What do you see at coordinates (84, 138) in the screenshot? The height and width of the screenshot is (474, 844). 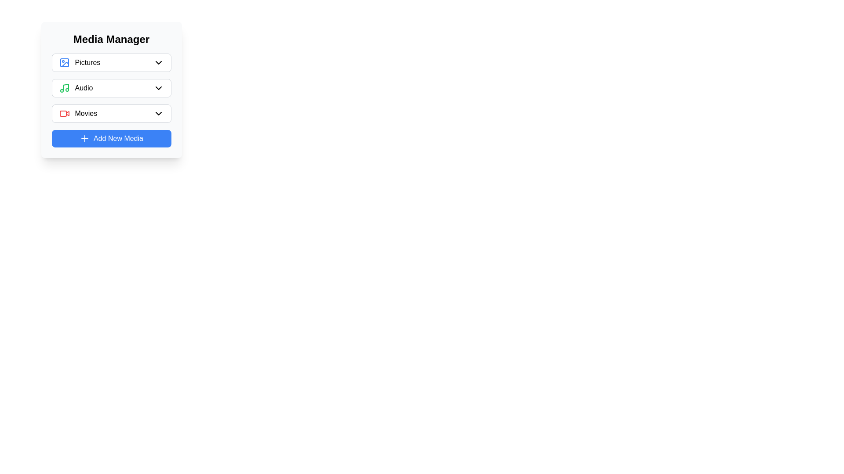 I see `the cross-shaped icon with a white outline on a blue circular background located inside the 'Add New Media' button in the 'Media Manager' section` at bounding box center [84, 138].